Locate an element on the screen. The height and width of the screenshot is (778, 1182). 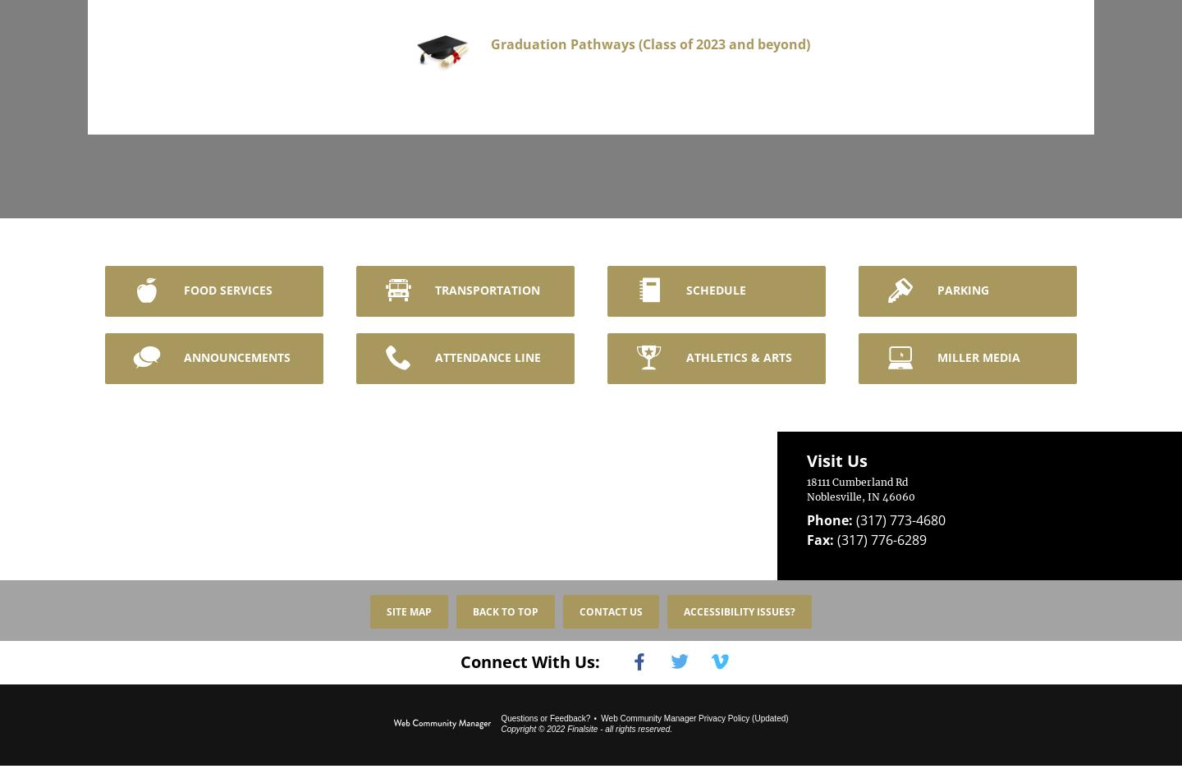
'(317) 776-6289' is located at coordinates (879, 529).